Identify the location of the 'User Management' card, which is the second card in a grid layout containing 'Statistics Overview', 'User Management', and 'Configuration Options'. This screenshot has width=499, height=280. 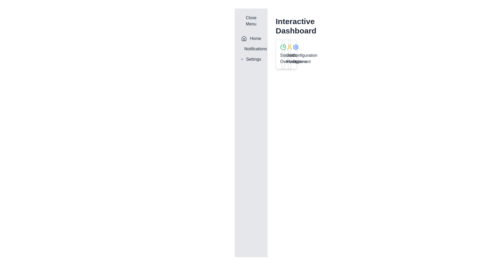
(286, 54).